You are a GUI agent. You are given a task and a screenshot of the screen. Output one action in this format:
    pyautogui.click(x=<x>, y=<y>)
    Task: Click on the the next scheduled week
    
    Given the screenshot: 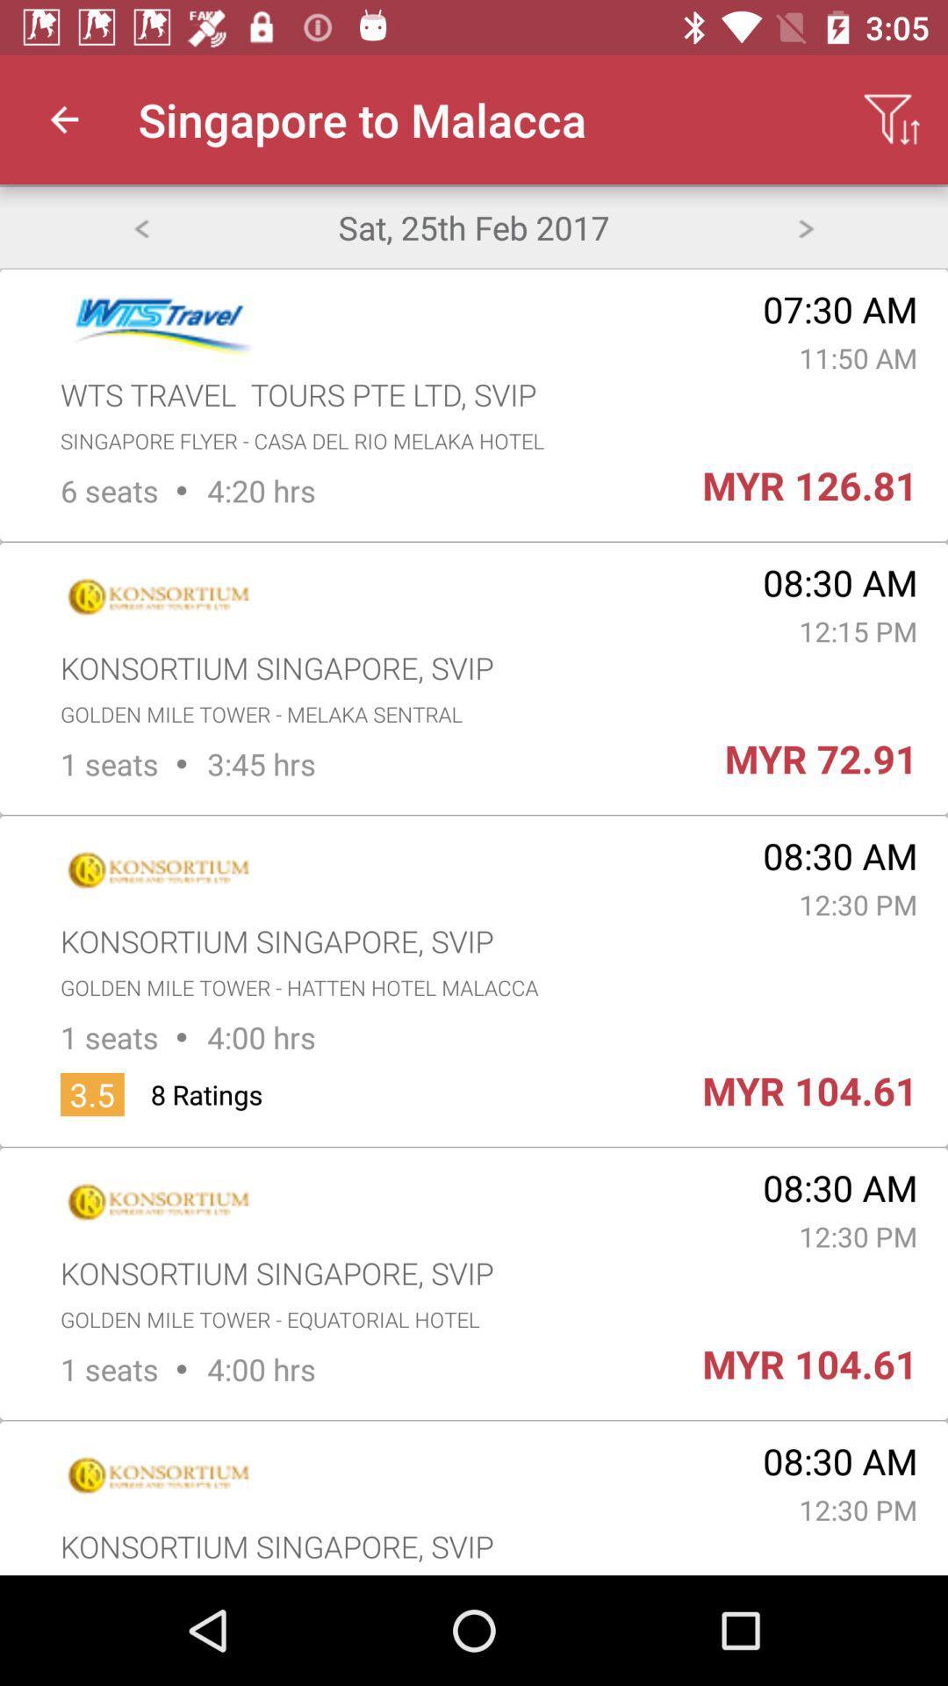 What is the action you would take?
    pyautogui.click(x=806, y=226)
    